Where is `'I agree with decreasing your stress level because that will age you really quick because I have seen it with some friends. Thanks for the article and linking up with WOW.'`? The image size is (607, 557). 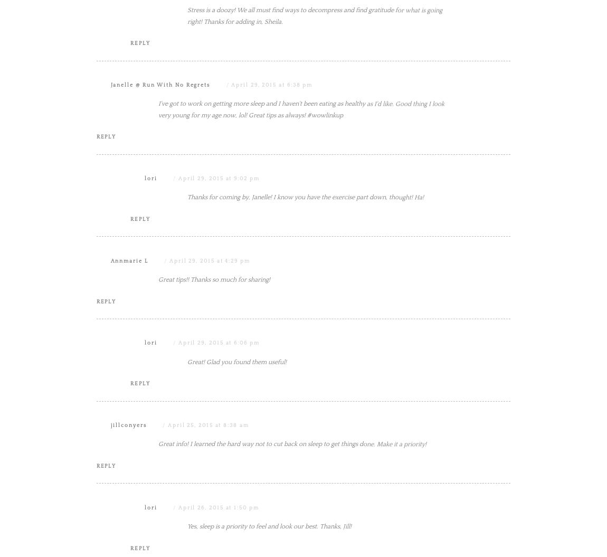
'I agree with decreasing your stress level because that will age you really quick because I have seen it with some friends. Thanks for the article and linking up with WOW.' is located at coordinates (298, 29).